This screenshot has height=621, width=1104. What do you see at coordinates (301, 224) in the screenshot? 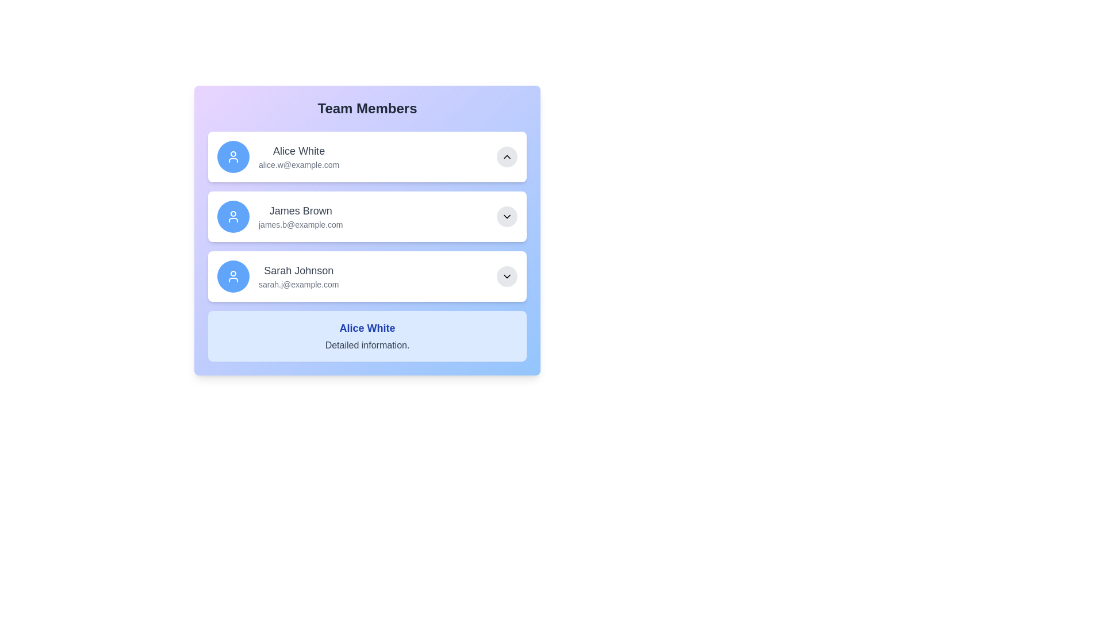
I see `email address displayed in the text label associated with 'James Brown' in the team member list, located below his name in the second section of the list` at bounding box center [301, 224].